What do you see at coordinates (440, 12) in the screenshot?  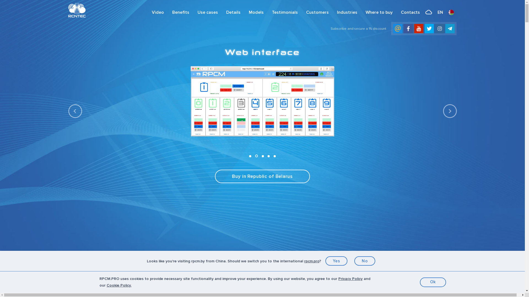 I see `'EN'` at bounding box center [440, 12].